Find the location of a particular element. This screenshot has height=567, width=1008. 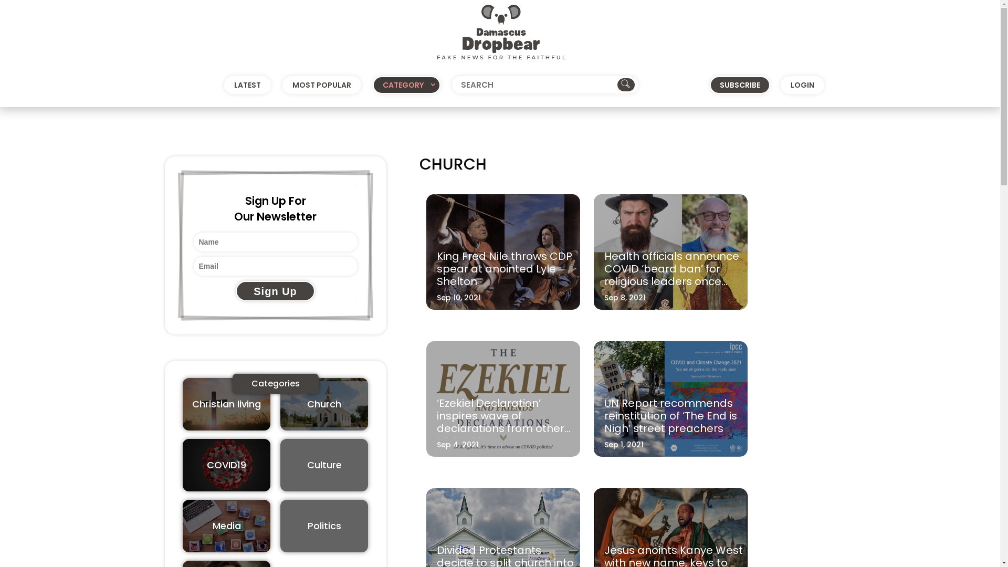

'Culture' is located at coordinates (323, 465).